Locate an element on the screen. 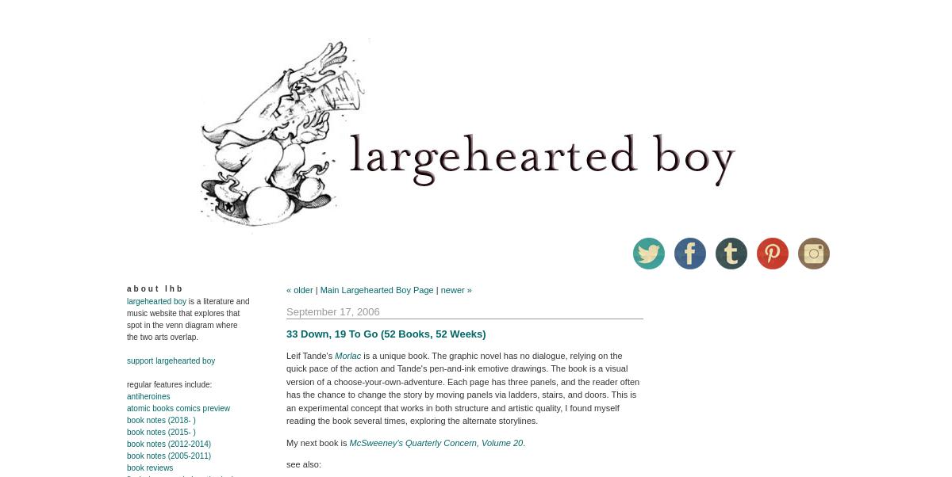 This screenshot has width=952, height=477. 'Book Notes (2015- )' is located at coordinates (160, 431).